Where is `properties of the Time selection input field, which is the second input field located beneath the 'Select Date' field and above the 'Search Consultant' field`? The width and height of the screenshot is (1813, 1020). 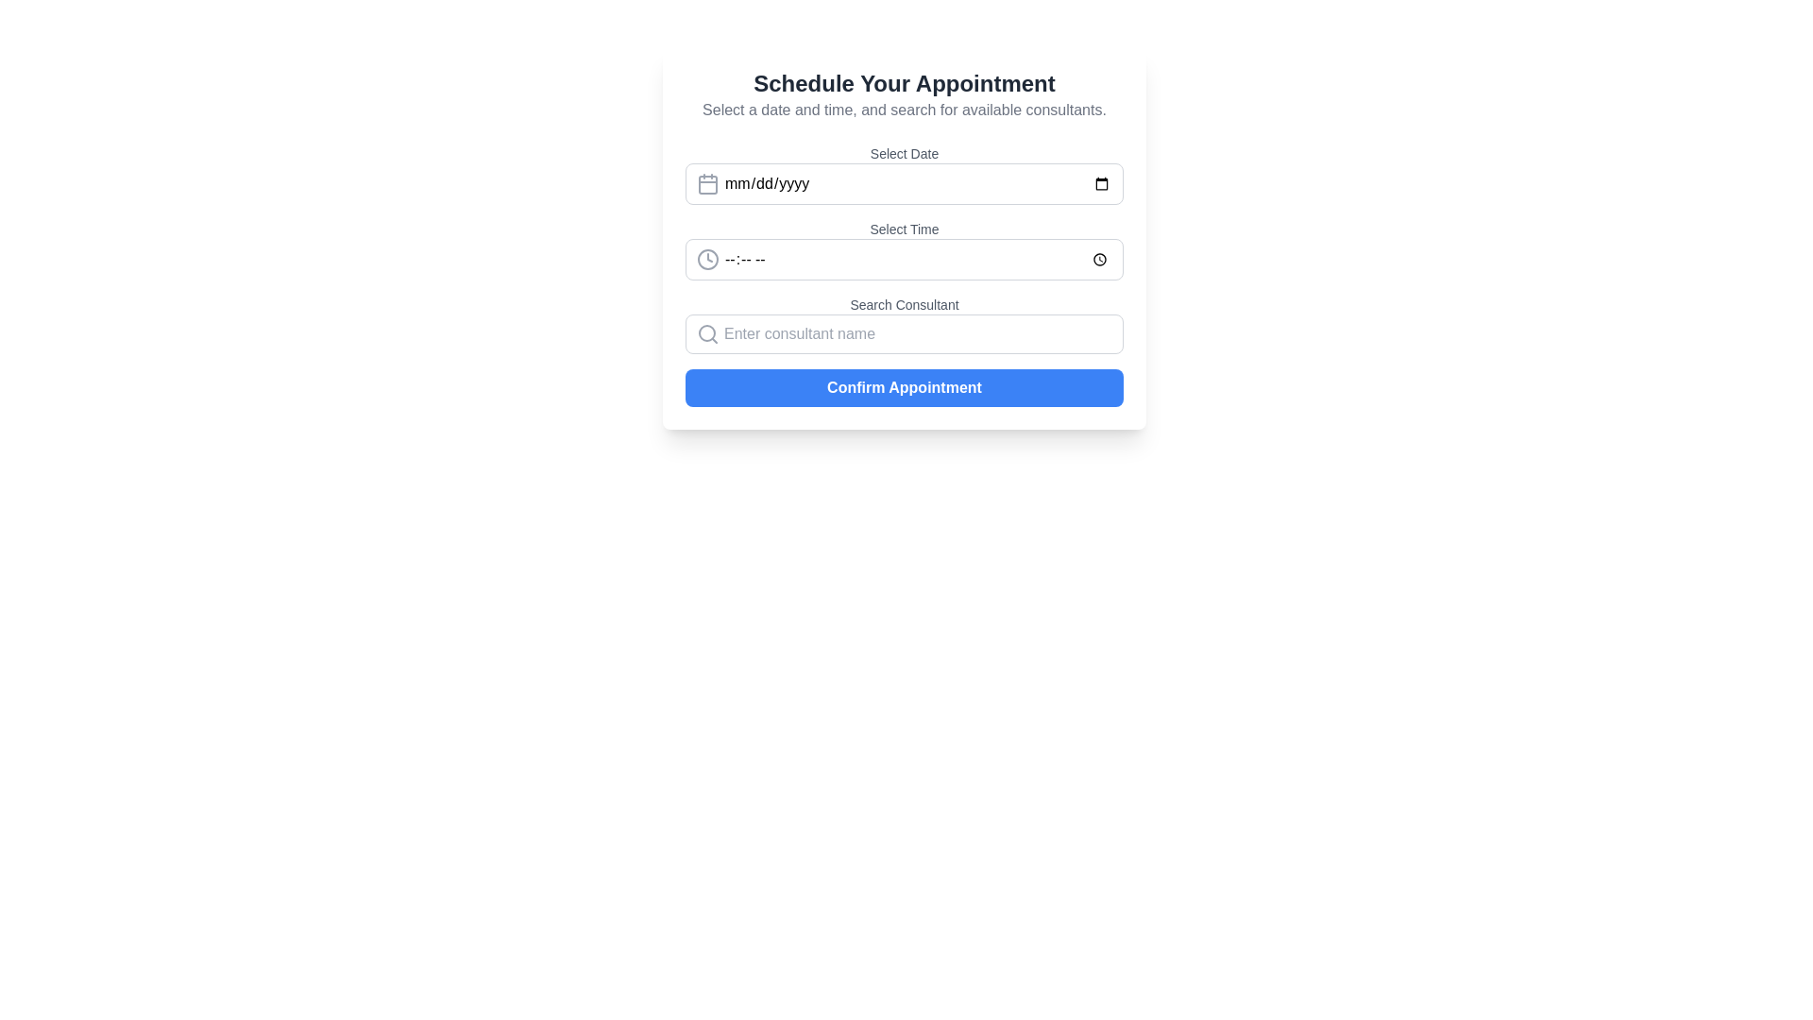 properties of the Time selection input field, which is the second input field located beneath the 'Select Date' field and above the 'Search Consultant' field is located at coordinates (904, 236).